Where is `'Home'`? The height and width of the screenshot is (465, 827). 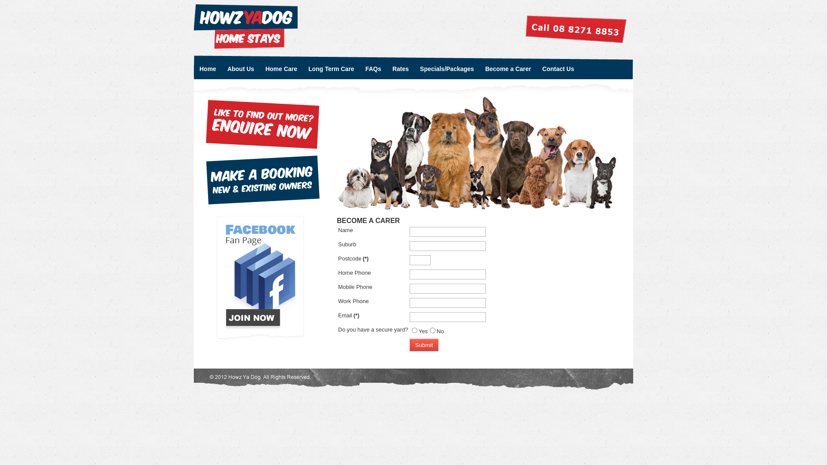
'Home' is located at coordinates (194, 66).